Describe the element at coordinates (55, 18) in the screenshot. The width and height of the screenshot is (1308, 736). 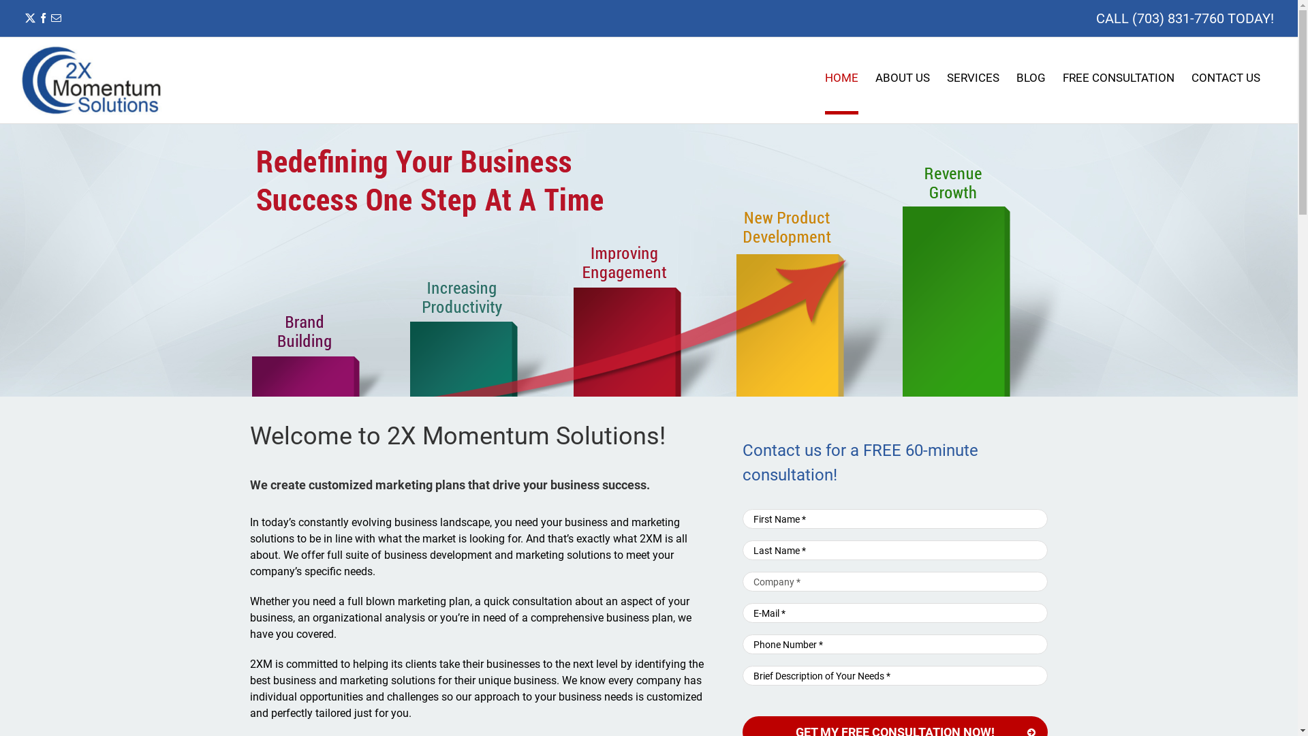
I see `'Email'` at that location.